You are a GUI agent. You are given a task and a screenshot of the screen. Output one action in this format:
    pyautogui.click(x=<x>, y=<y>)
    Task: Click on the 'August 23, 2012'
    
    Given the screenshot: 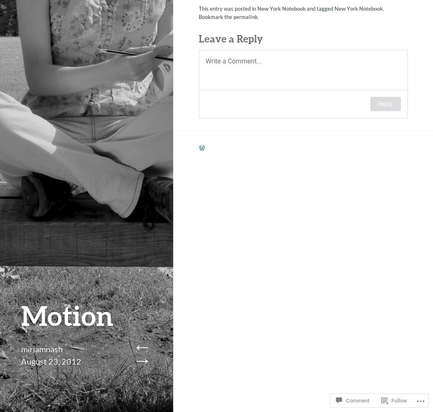 What is the action you would take?
    pyautogui.click(x=51, y=361)
    